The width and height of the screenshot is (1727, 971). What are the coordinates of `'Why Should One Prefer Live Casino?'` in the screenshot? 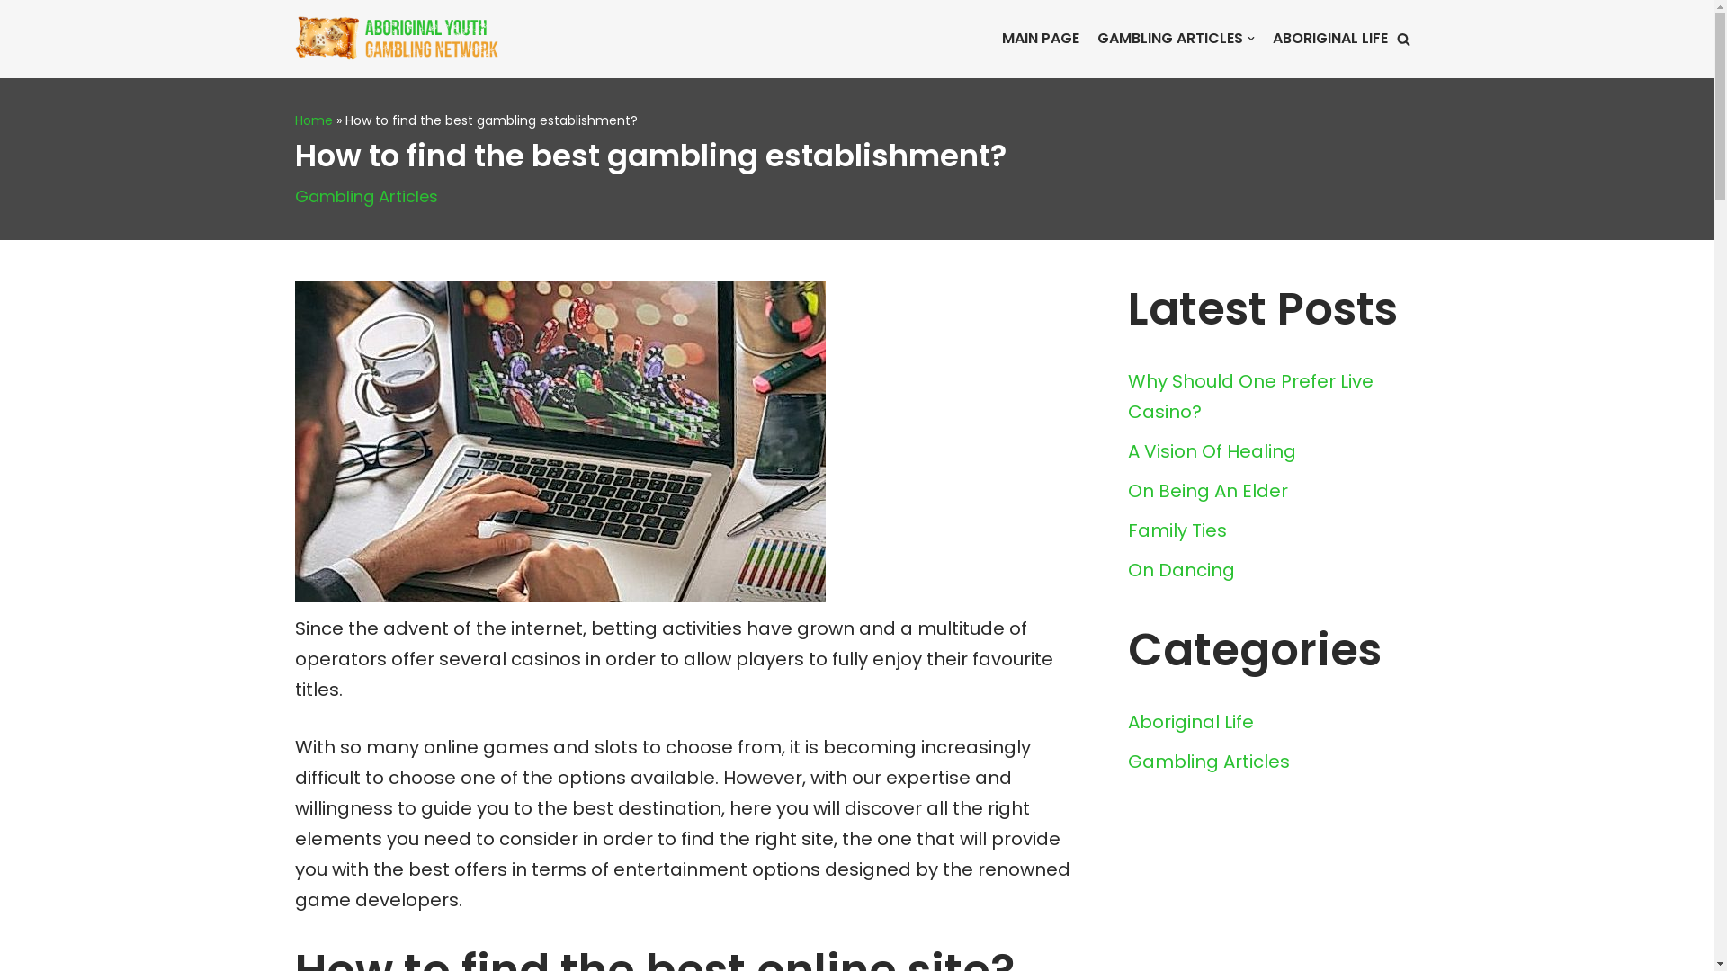 It's located at (1249, 395).